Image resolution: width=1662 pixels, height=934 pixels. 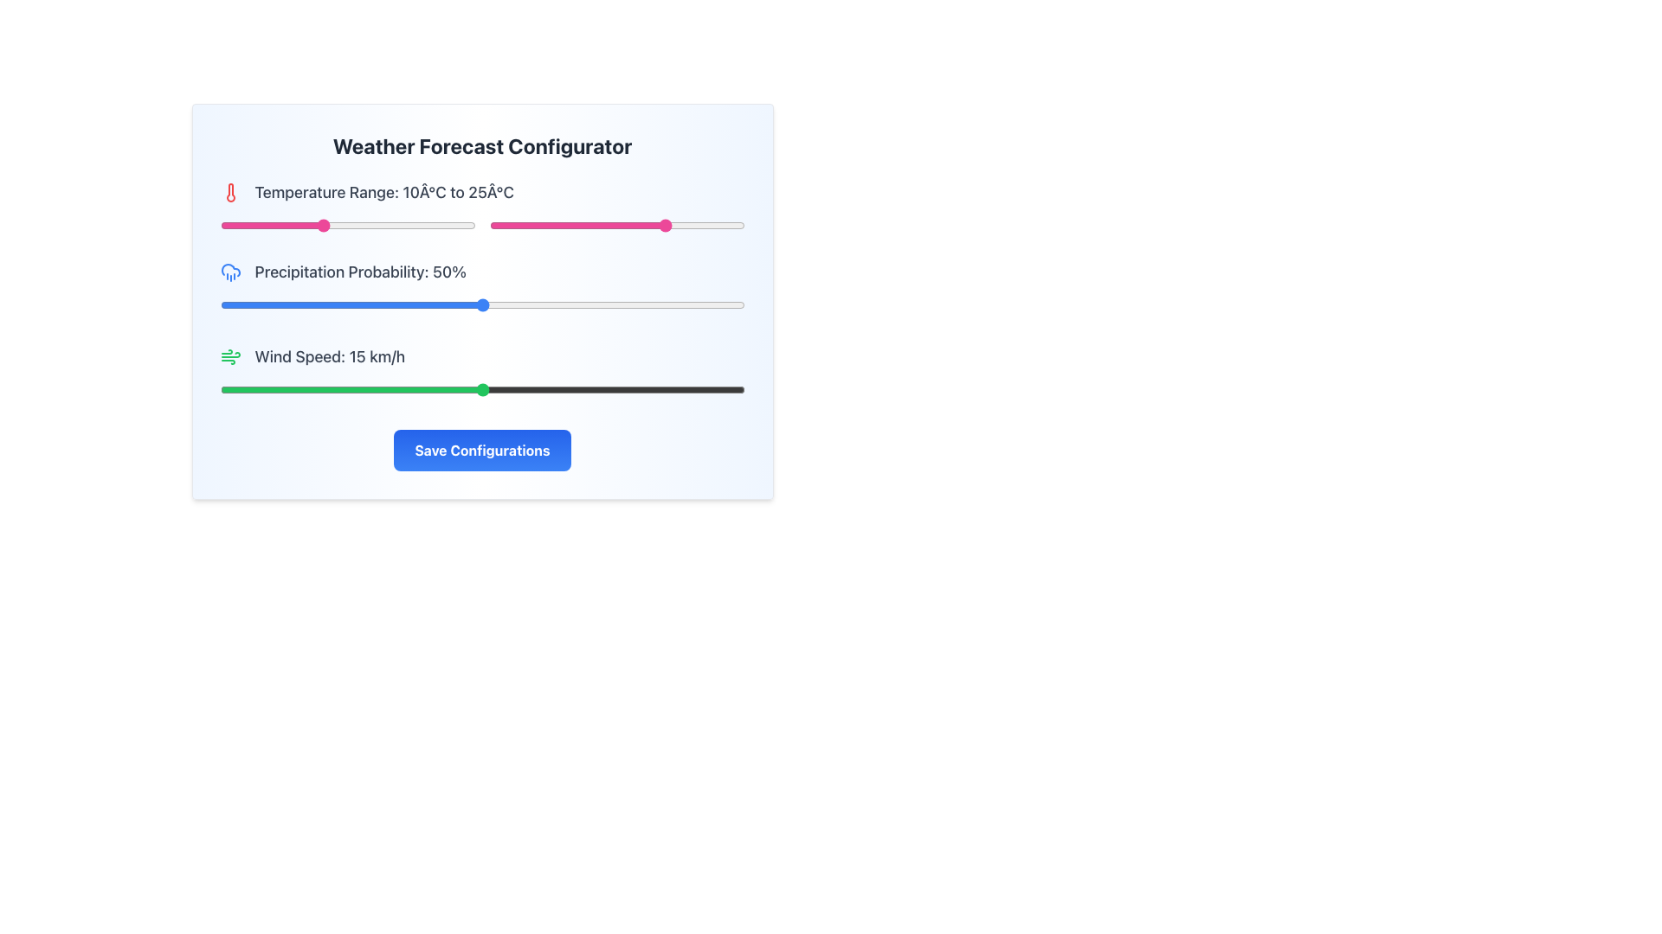 What do you see at coordinates (482, 390) in the screenshot?
I see `the horizontal range slider with rounded edges and a green accent located below the 'Wind Speed: 15 km/h' label` at bounding box center [482, 390].